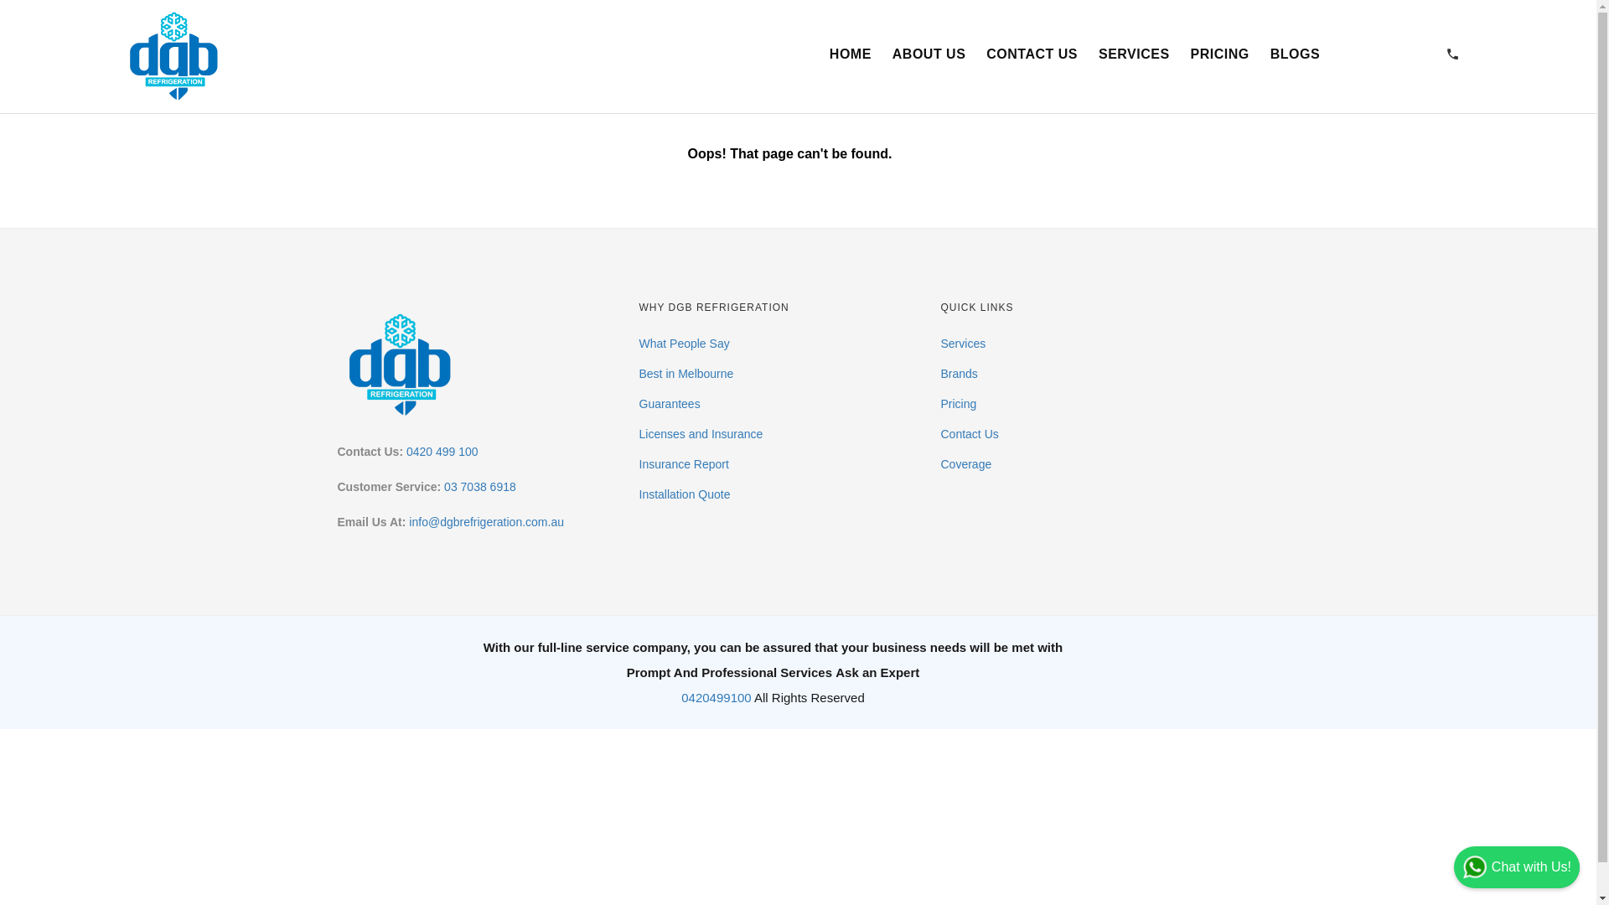  What do you see at coordinates (716, 697) in the screenshot?
I see `'0420499100'` at bounding box center [716, 697].